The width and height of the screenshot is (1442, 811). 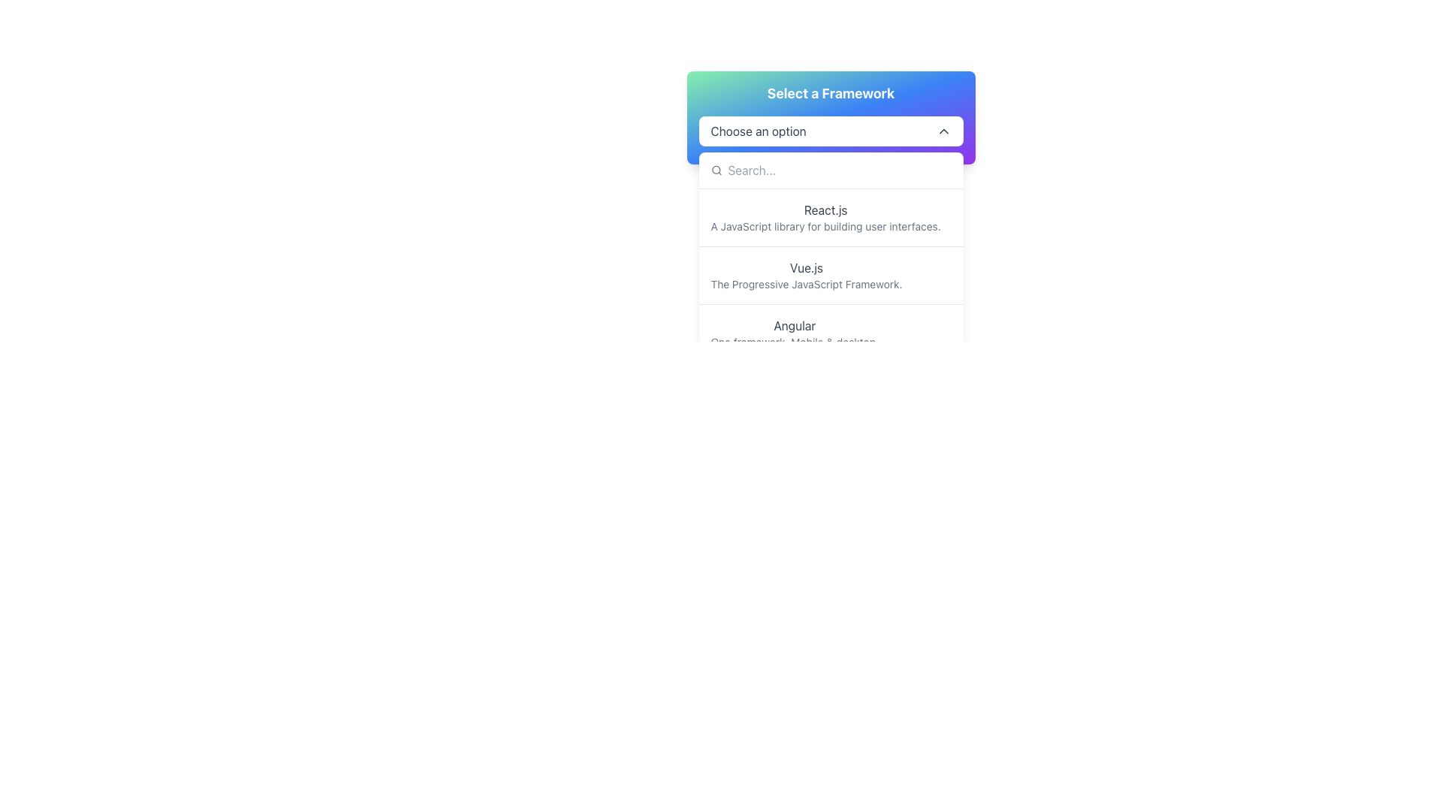 What do you see at coordinates (830, 332) in the screenshot?
I see `the third interactive list item labeled 'Angular' to change its background color` at bounding box center [830, 332].